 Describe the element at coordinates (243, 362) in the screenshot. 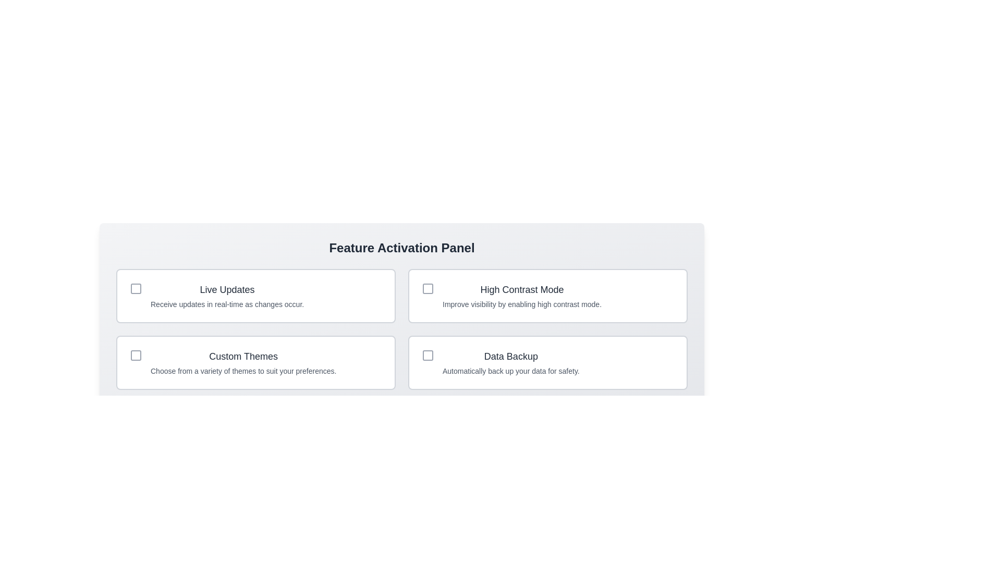

I see `the 'Custom Themes' text label which consists of two lines of text, with the first line in bold and larger font and the second line in smaller and lighter font, located in the bottom-left quadrant of the interface` at that location.